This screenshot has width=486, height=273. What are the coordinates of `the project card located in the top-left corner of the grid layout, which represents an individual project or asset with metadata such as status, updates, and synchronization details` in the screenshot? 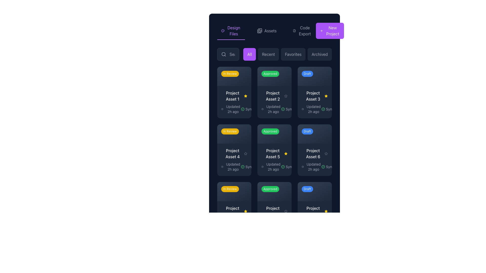 It's located at (234, 93).